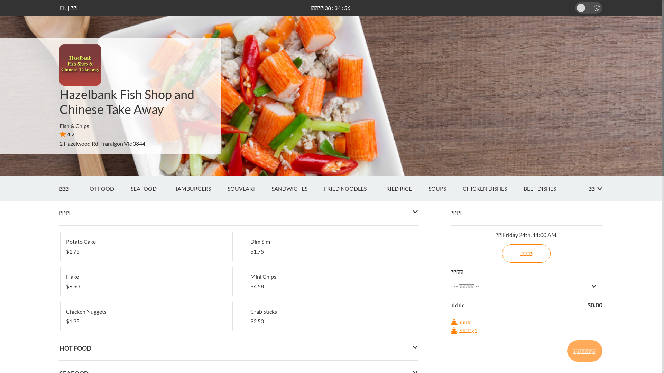 Image resolution: width=664 pixels, height=373 pixels. Describe the element at coordinates (200, 189) in the screenshot. I see `'HAMBURGERS'` at that location.